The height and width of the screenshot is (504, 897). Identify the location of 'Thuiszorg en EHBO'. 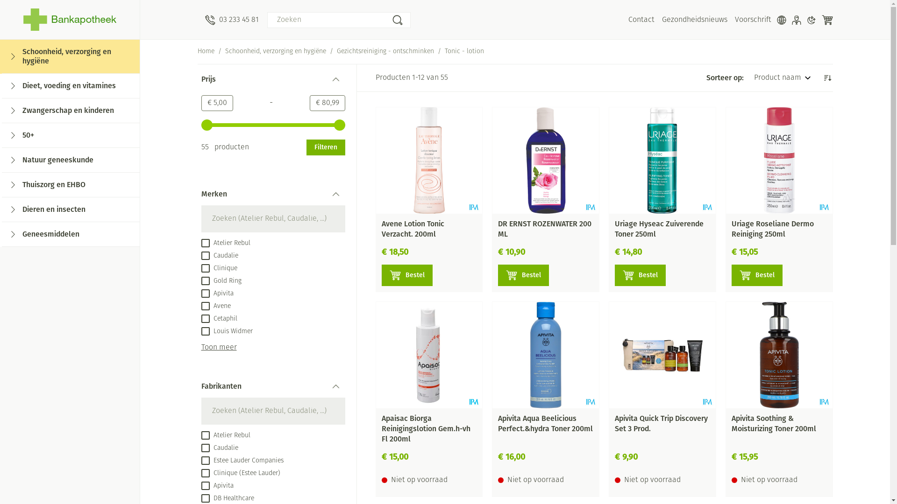
(70, 185).